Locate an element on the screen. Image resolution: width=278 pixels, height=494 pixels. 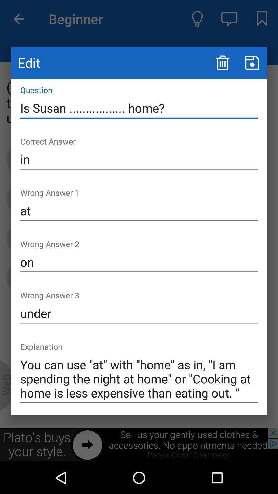
the you can use icon is located at coordinates (139, 379).